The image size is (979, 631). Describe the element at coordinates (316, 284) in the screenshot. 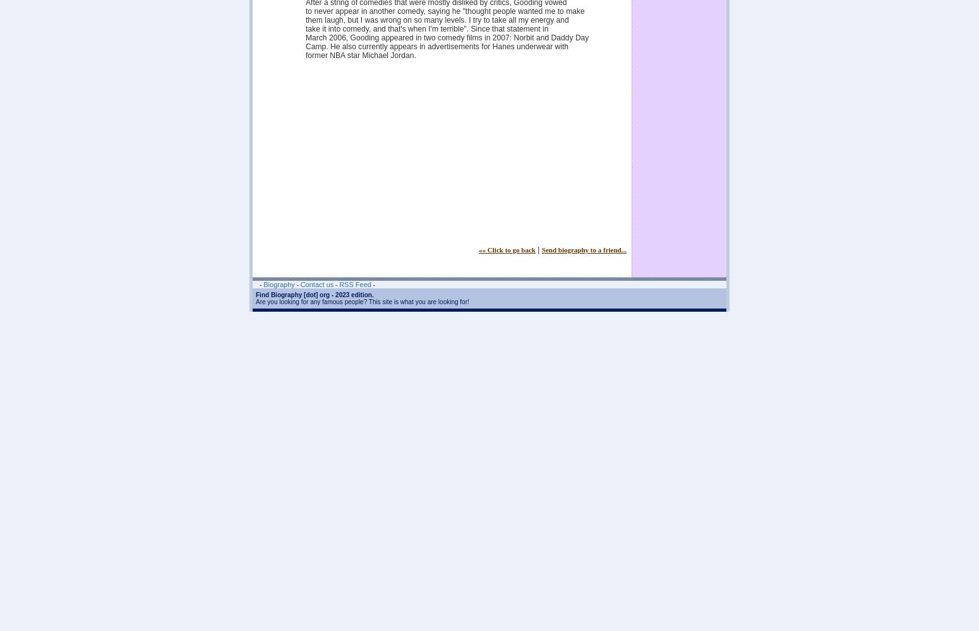

I see `'Contact us'` at that location.